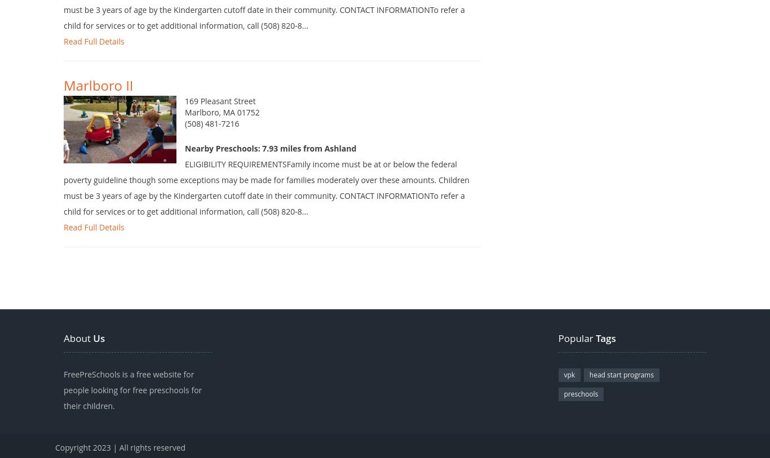 The width and height of the screenshot is (770, 458). Describe the element at coordinates (569, 392) in the screenshot. I see `'vpk'` at that location.